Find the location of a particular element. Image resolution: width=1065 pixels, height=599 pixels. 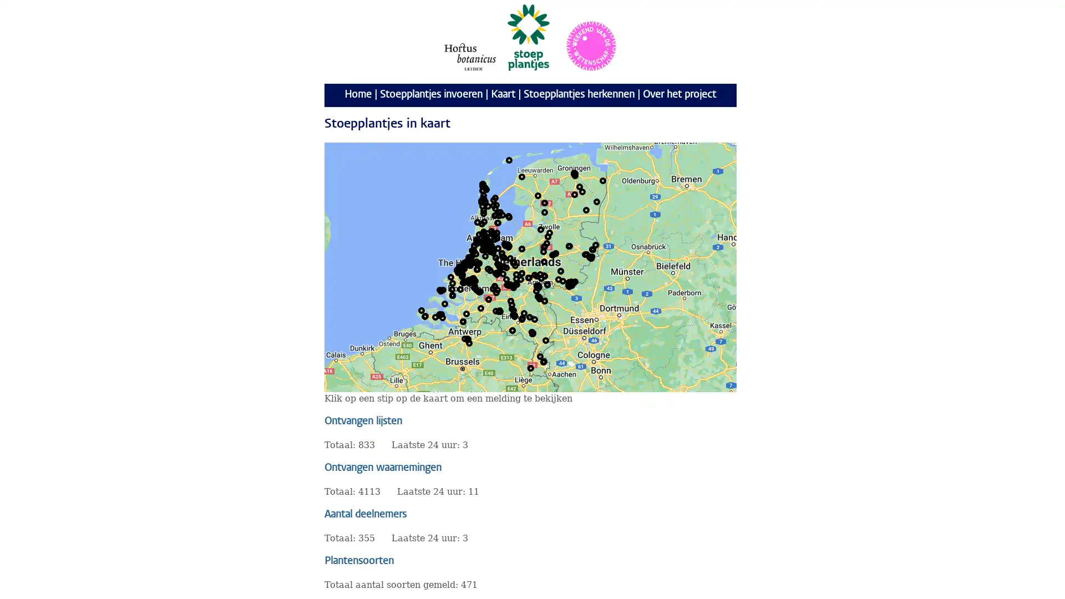

Telling van op 30 mei 2022 is located at coordinates (464, 267).